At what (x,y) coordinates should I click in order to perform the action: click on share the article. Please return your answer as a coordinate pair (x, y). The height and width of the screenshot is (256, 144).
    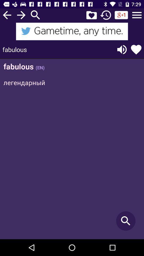
    Looking at the image, I should click on (72, 31).